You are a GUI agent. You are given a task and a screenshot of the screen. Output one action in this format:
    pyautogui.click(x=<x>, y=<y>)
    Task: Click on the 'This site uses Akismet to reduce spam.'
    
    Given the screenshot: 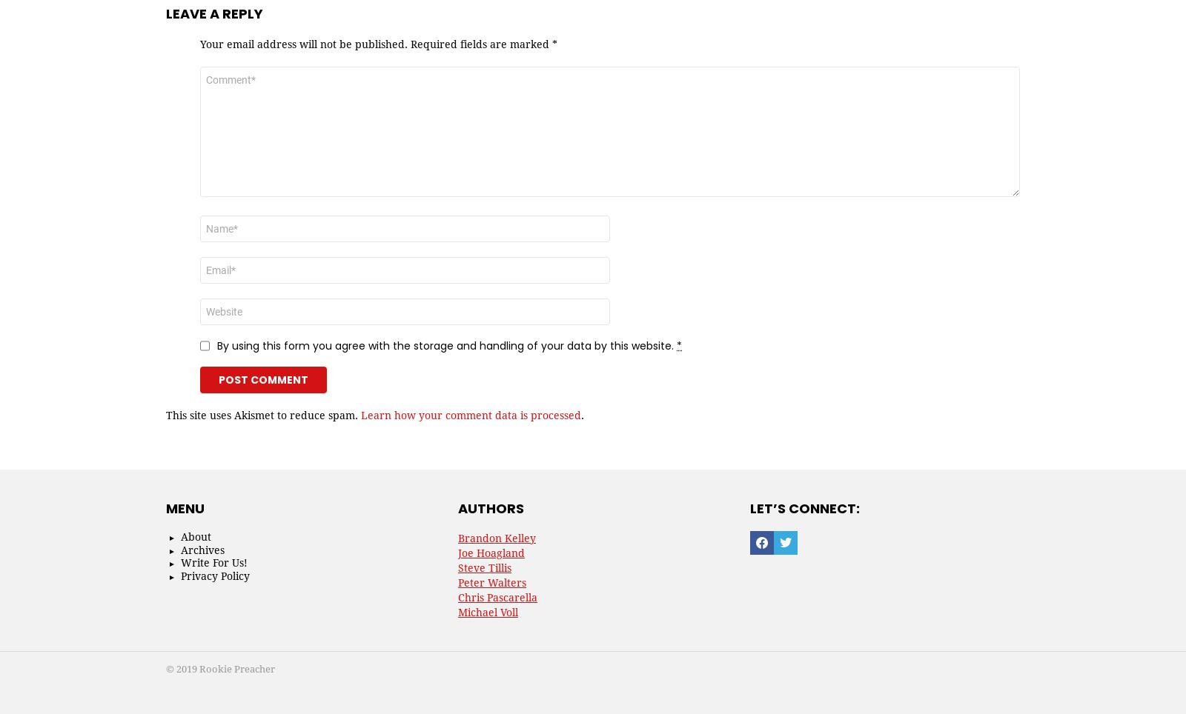 What is the action you would take?
    pyautogui.click(x=166, y=414)
    